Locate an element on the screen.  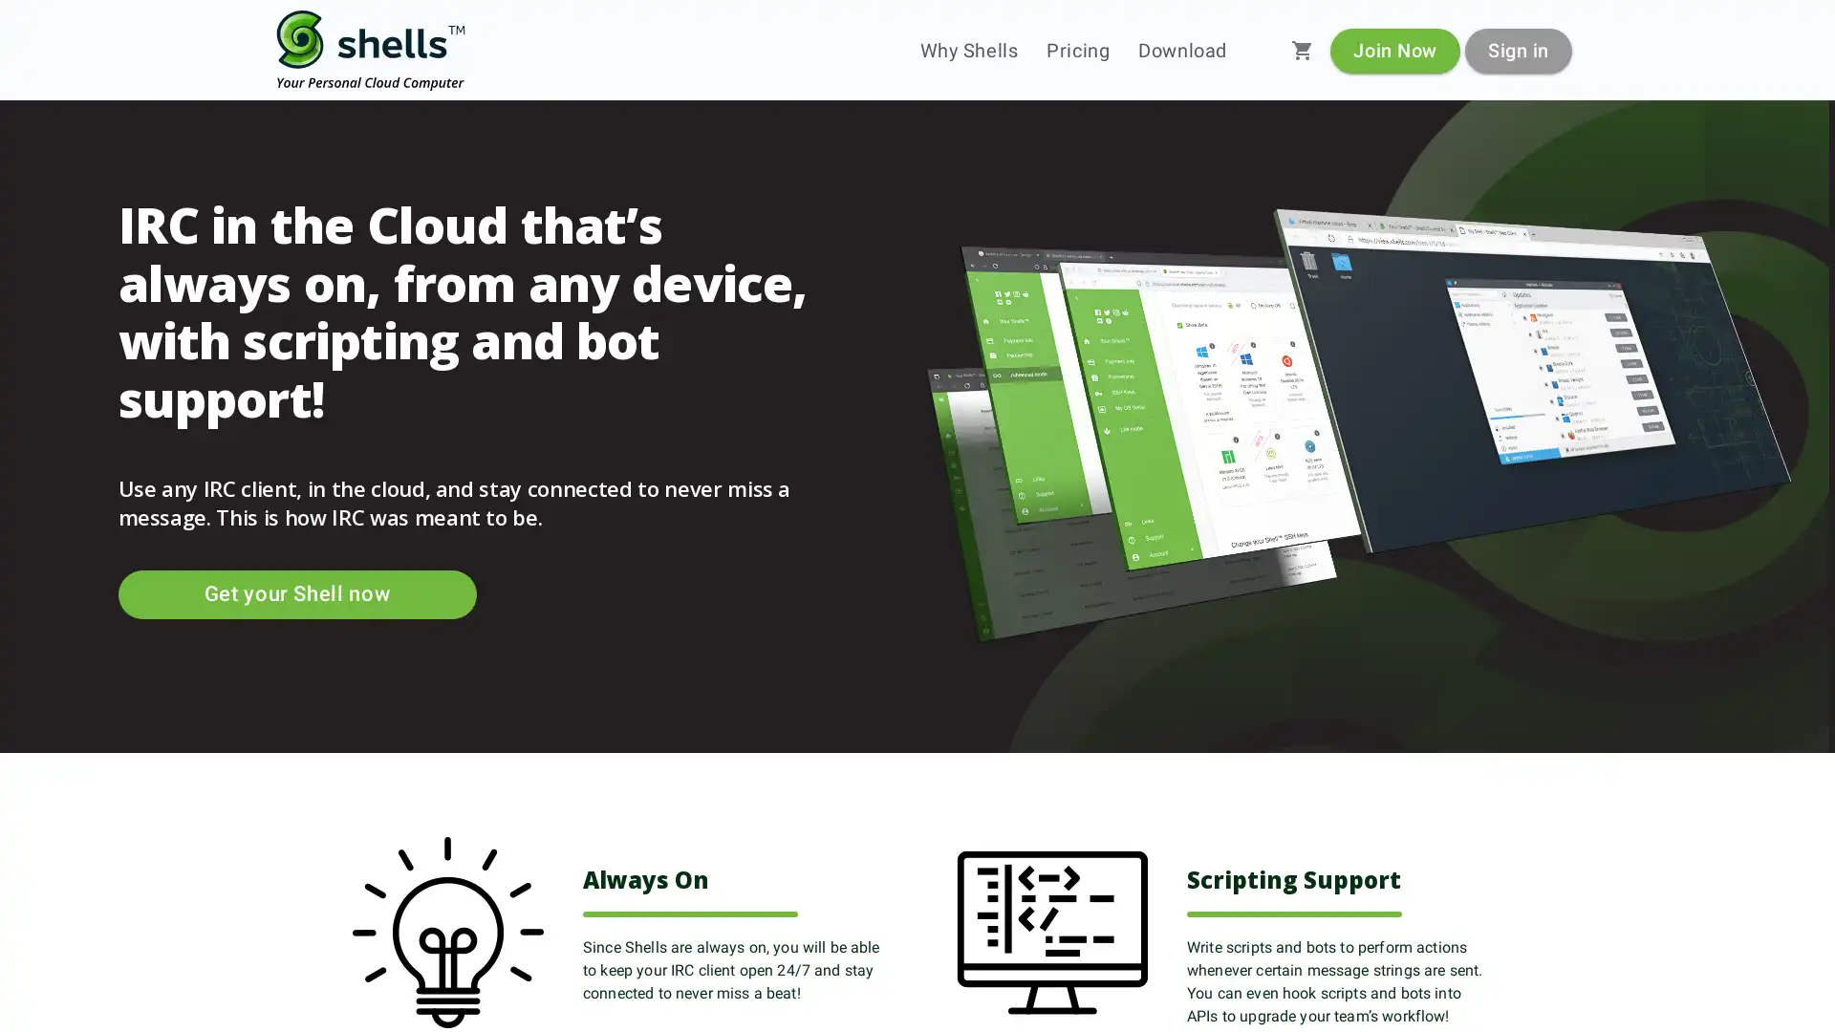
cart is located at coordinates (1302, 50).